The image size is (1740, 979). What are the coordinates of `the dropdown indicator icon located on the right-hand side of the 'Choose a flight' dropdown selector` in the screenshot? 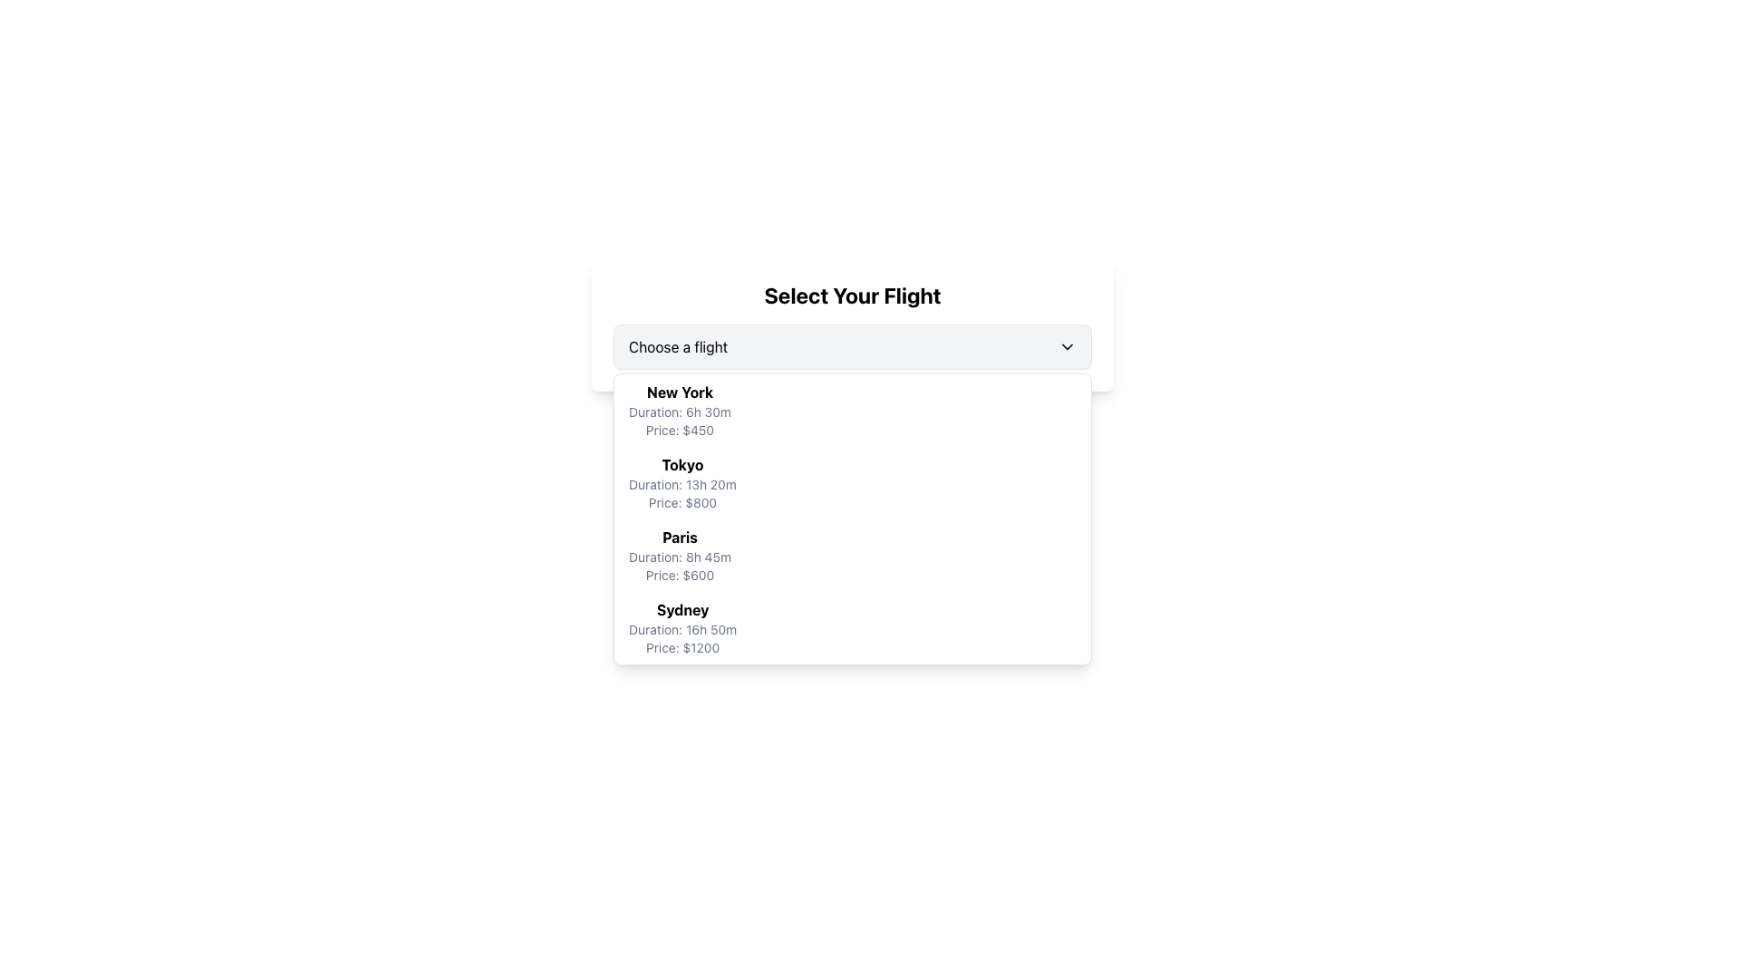 It's located at (1067, 346).